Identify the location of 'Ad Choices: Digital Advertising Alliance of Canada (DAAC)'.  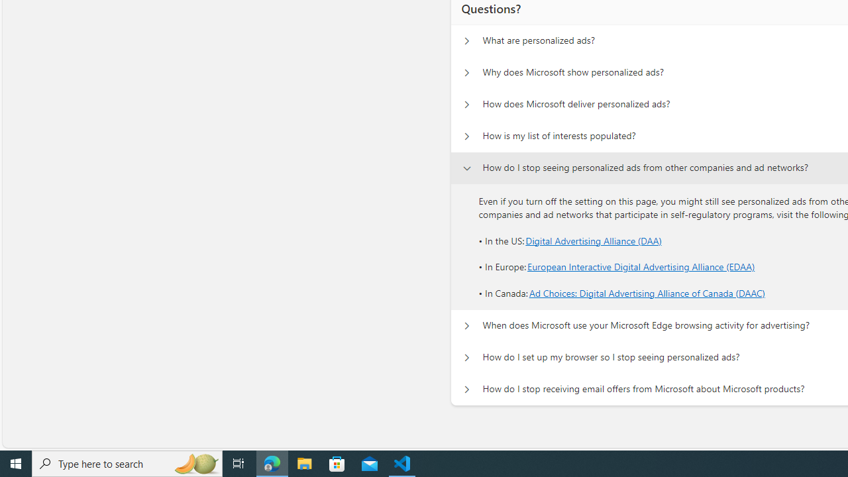
(647, 292).